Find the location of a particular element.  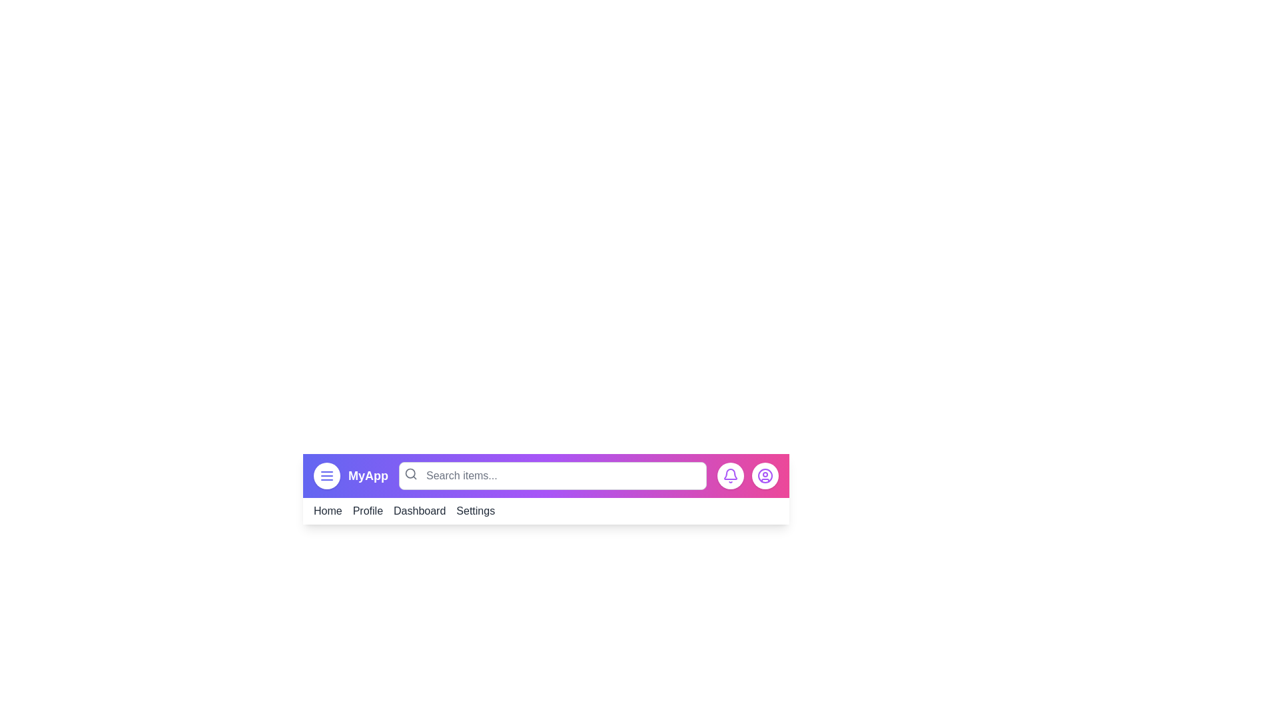

the Dashboard link in the navigation menu is located at coordinates (418, 510).